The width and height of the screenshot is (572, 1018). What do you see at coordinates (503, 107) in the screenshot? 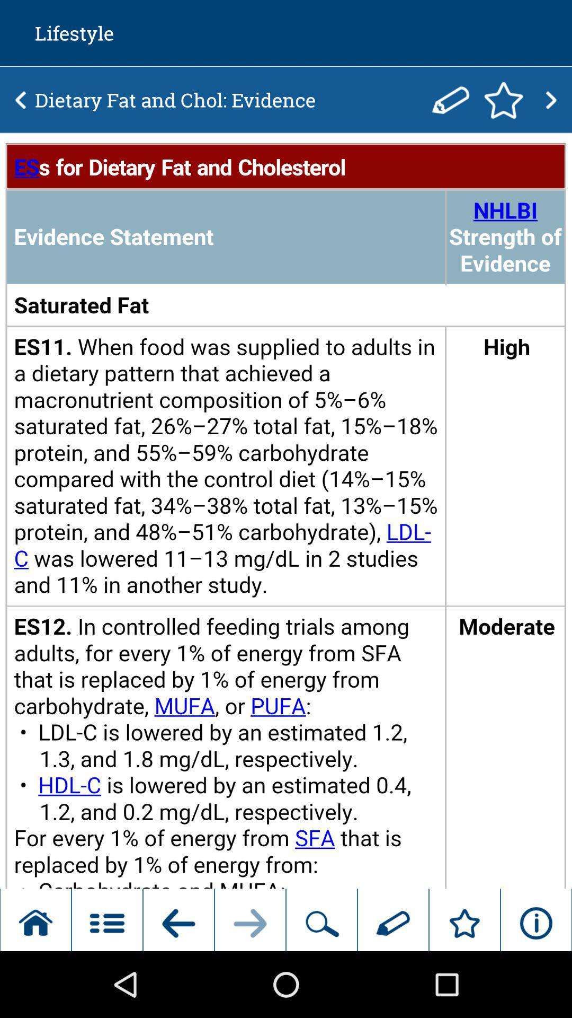
I see `the star icon` at bounding box center [503, 107].